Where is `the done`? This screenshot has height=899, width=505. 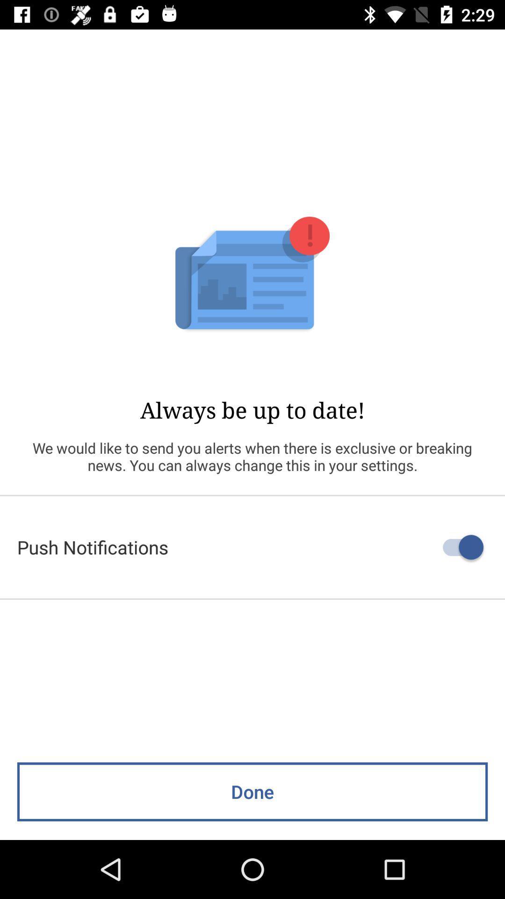
the done is located at coordinates (252, 791).